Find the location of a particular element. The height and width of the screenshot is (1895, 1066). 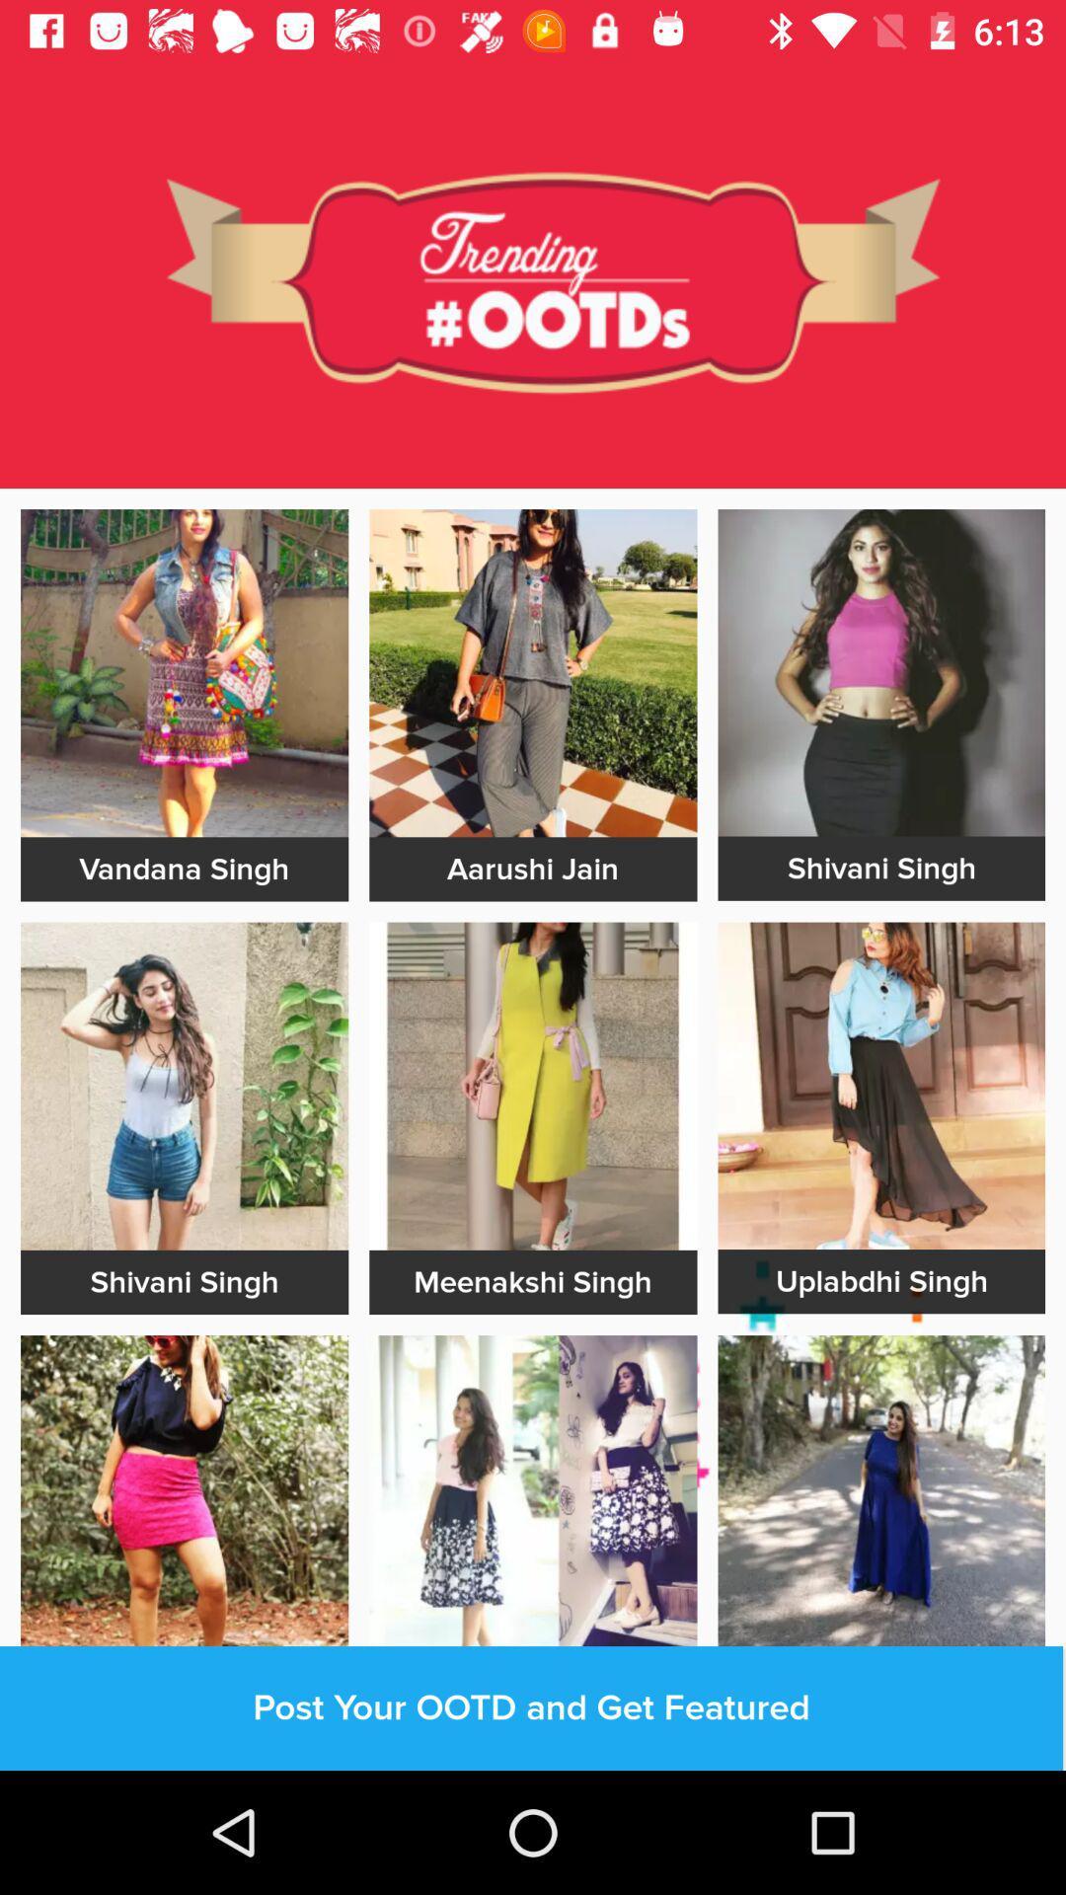

feature area is located at coordinates (880, 672).